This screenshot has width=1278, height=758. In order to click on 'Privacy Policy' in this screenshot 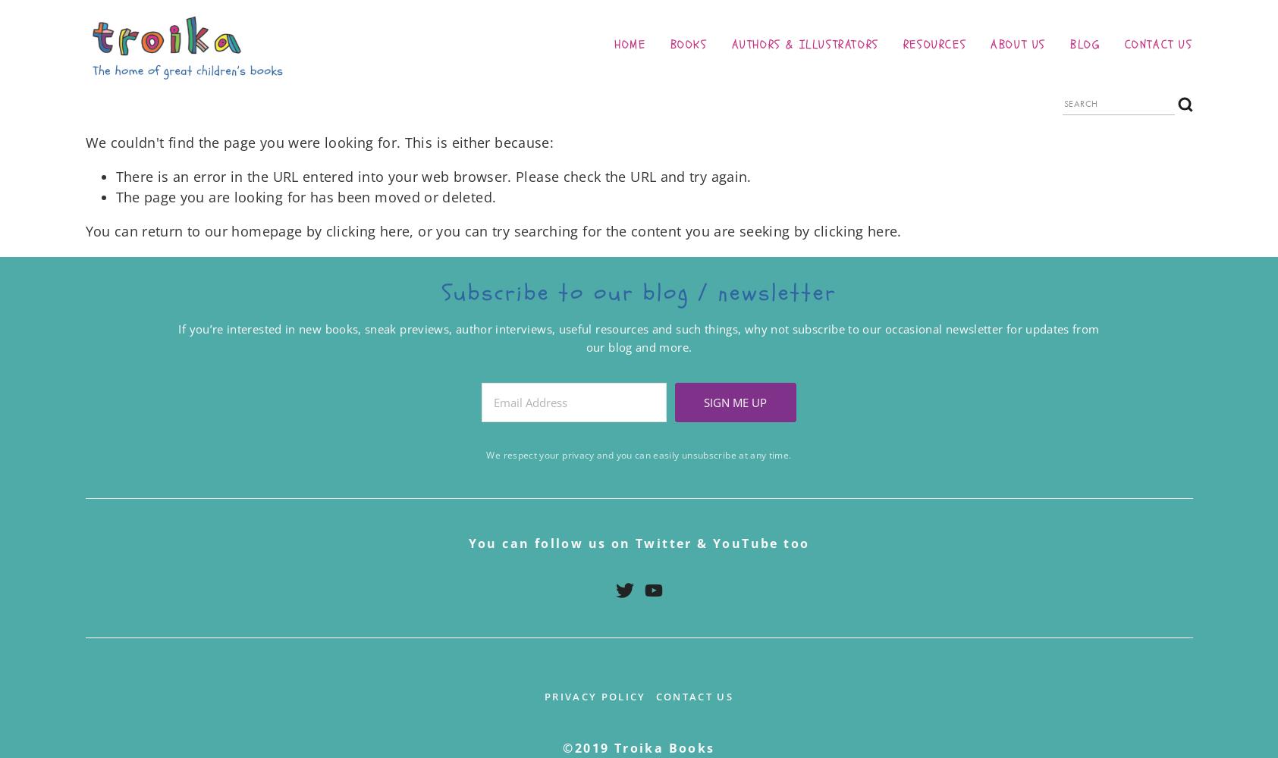, I will do `click(542, 696)`.